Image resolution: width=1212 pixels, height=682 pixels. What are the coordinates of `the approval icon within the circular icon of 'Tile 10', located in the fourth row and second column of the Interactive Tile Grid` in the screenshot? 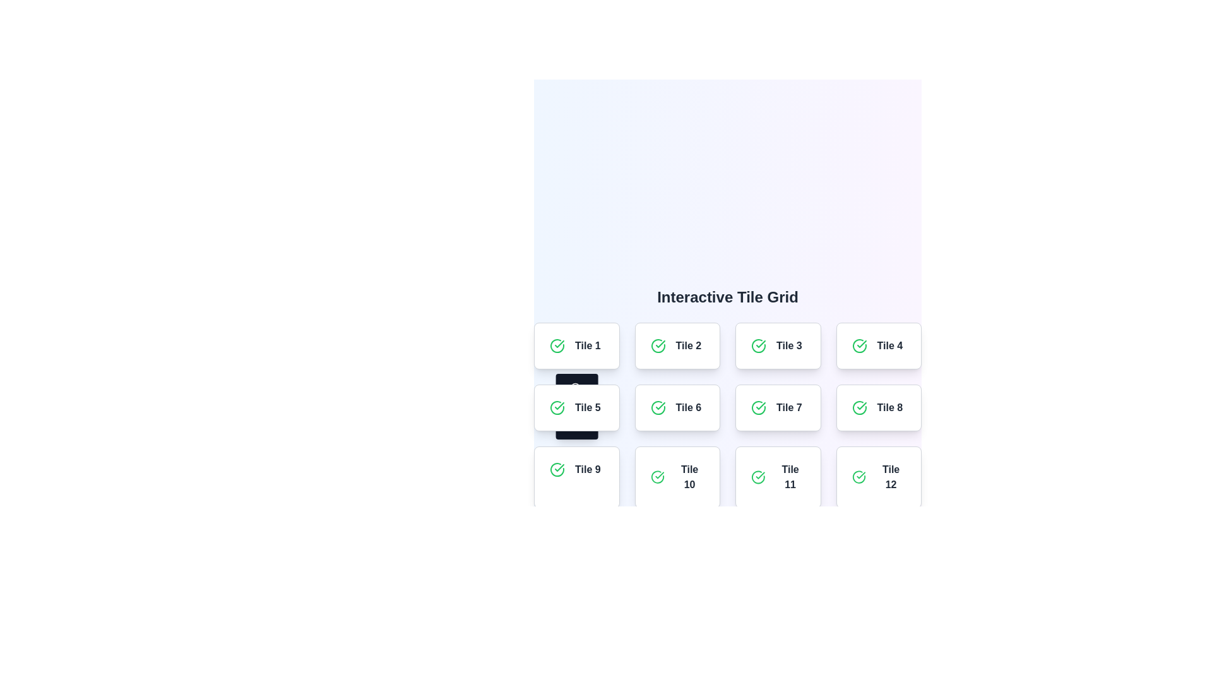 It's located at (659, 476).